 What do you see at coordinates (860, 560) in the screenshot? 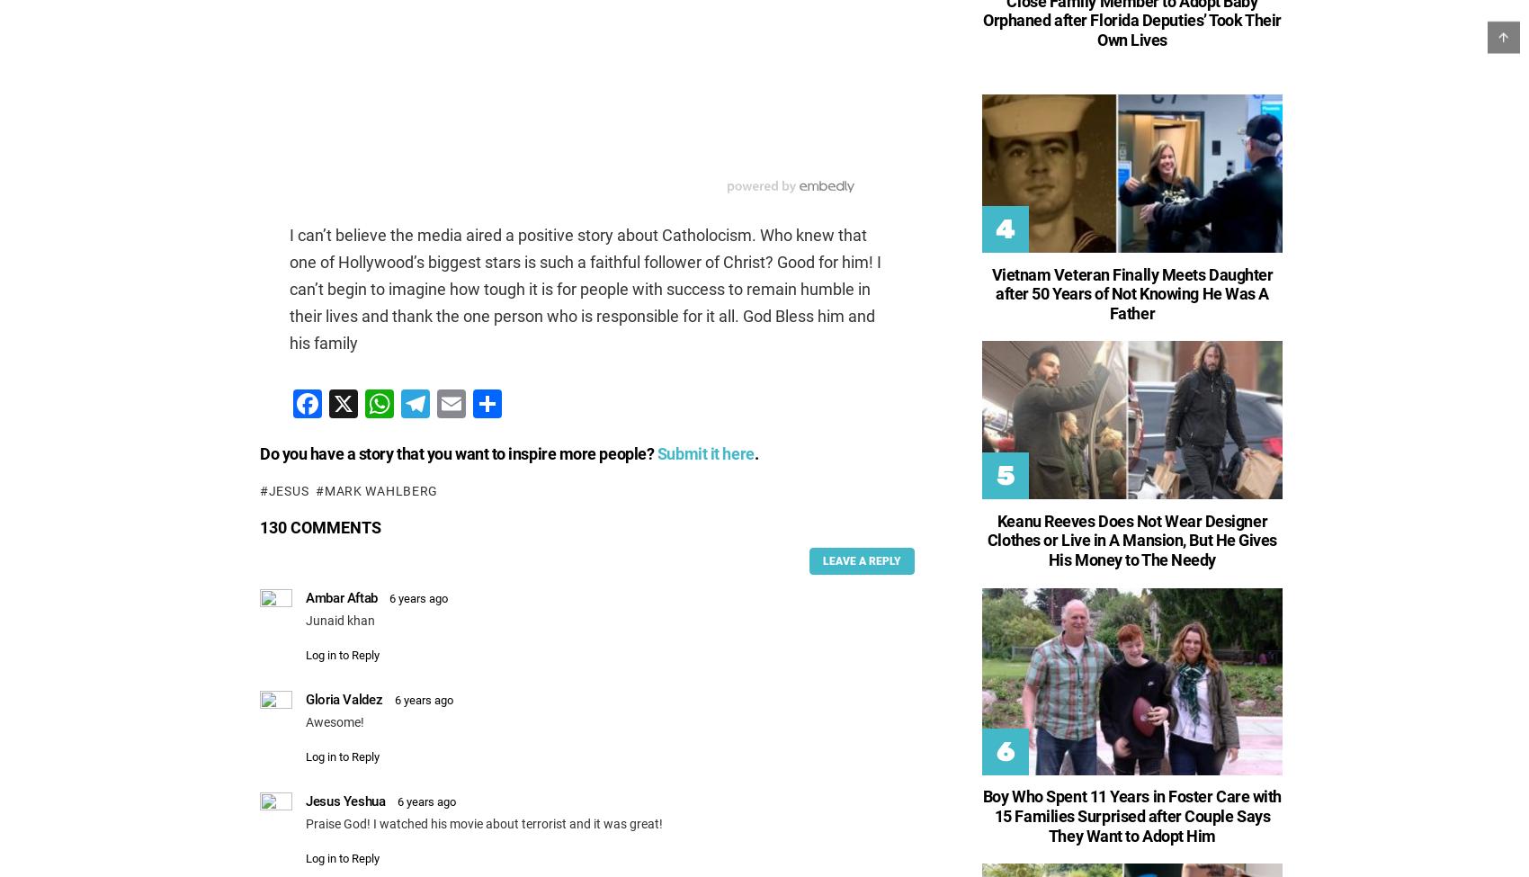
I see `'Leave a Reply'` at bounding box center [860, 560].